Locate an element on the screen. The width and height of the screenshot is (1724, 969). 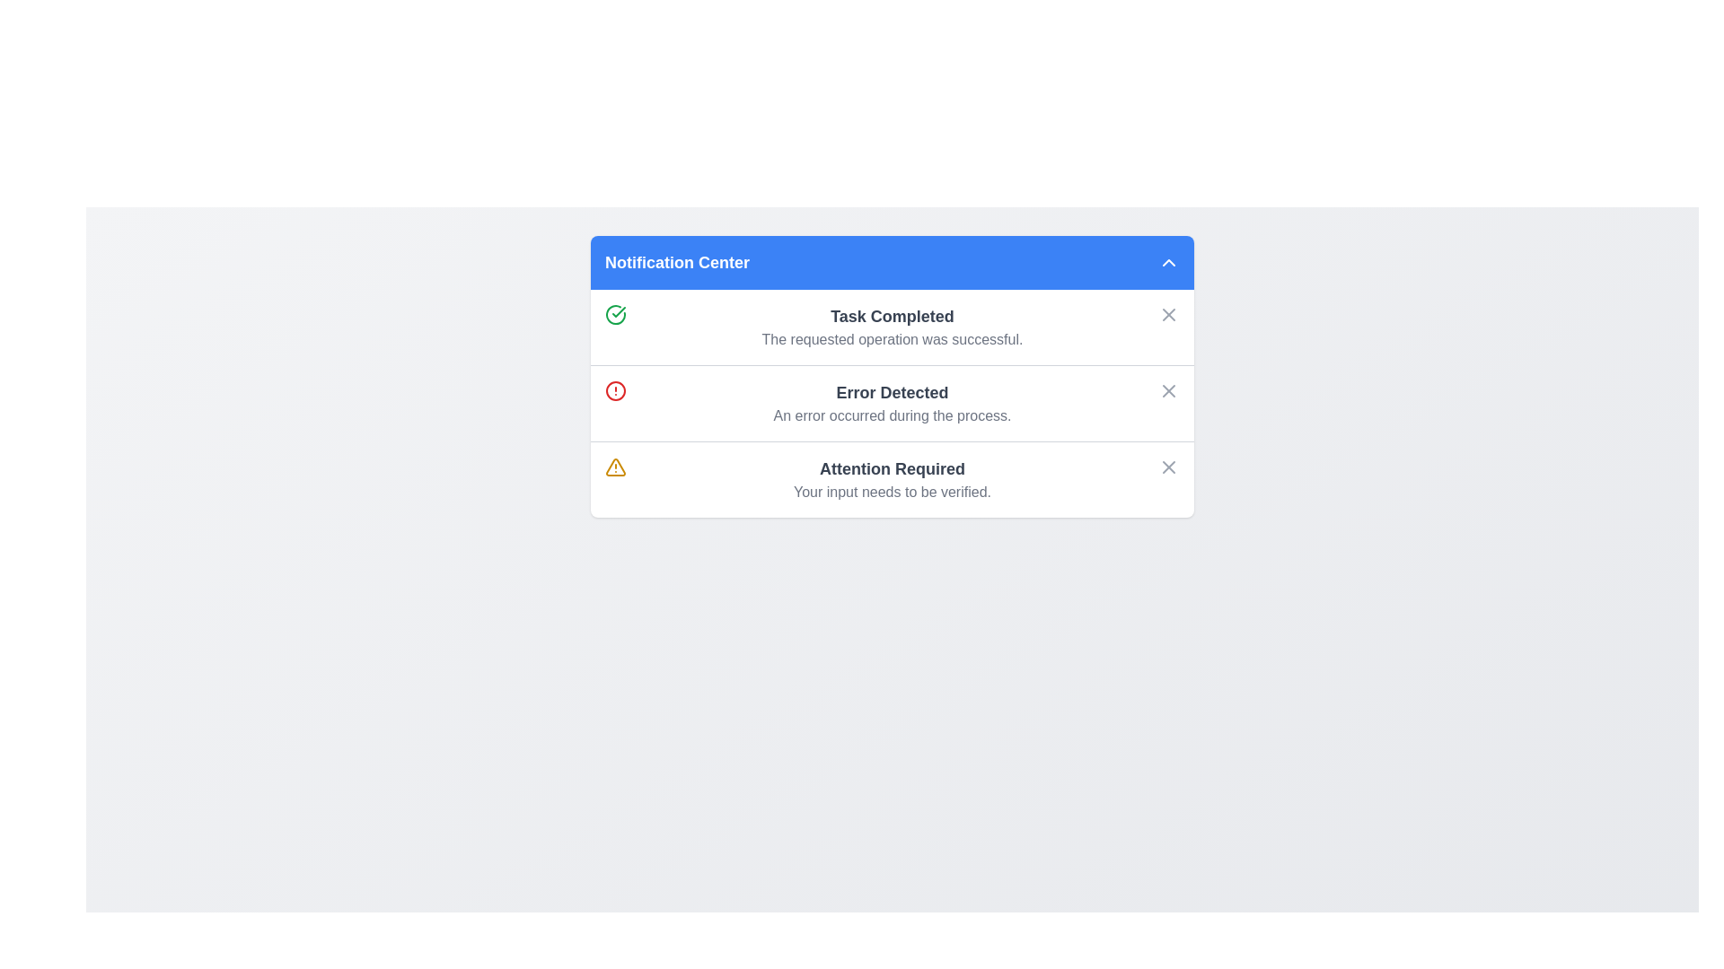
the text label providing additional information about the 'Attention Required' notification, located directly underneath the heading in the notification list is located at coordinates (892, 492).